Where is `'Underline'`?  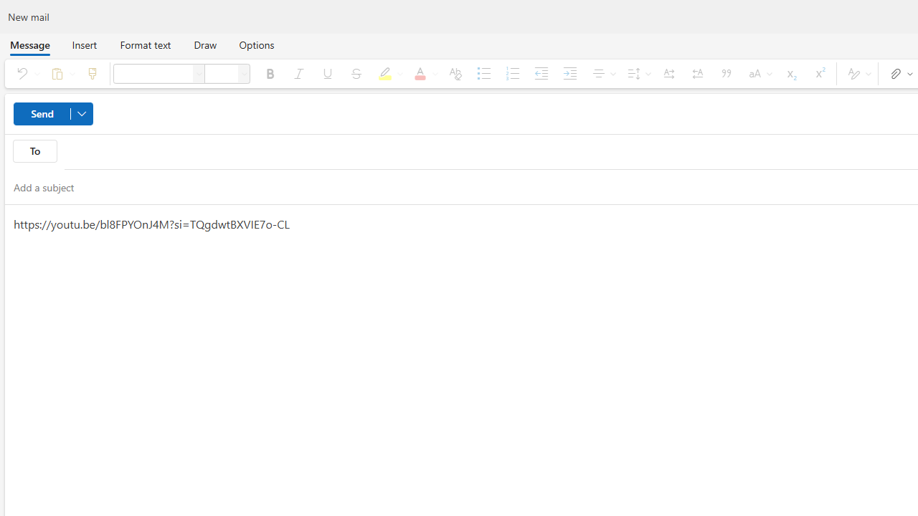 'Underline' is located at coordinates (326, 73).